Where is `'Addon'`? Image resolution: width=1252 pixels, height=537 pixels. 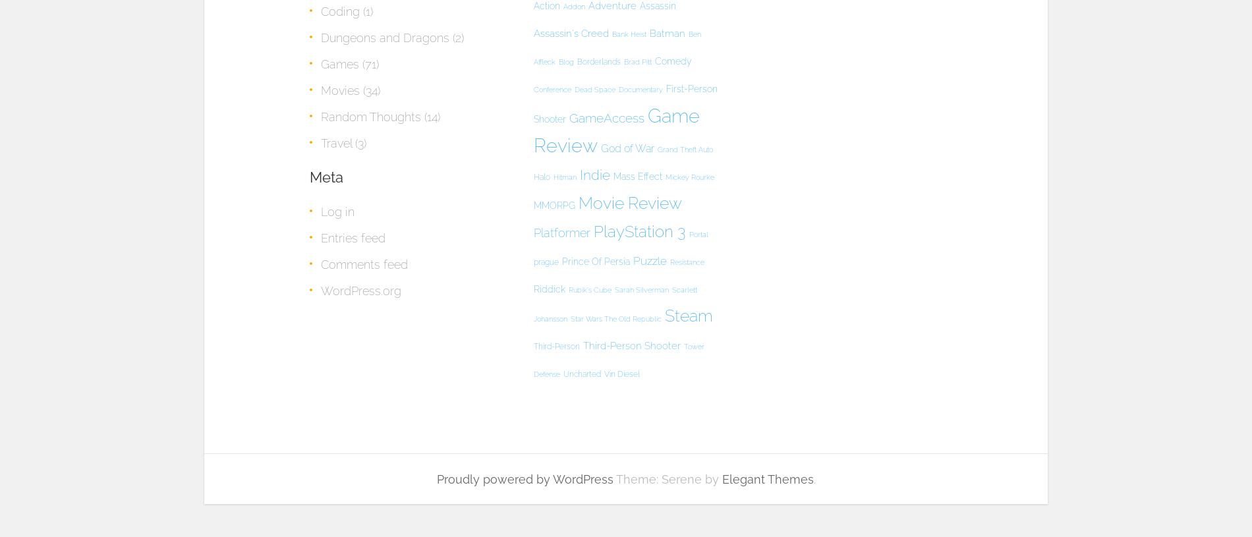
'Addon' is located at coordinates (573, 6).